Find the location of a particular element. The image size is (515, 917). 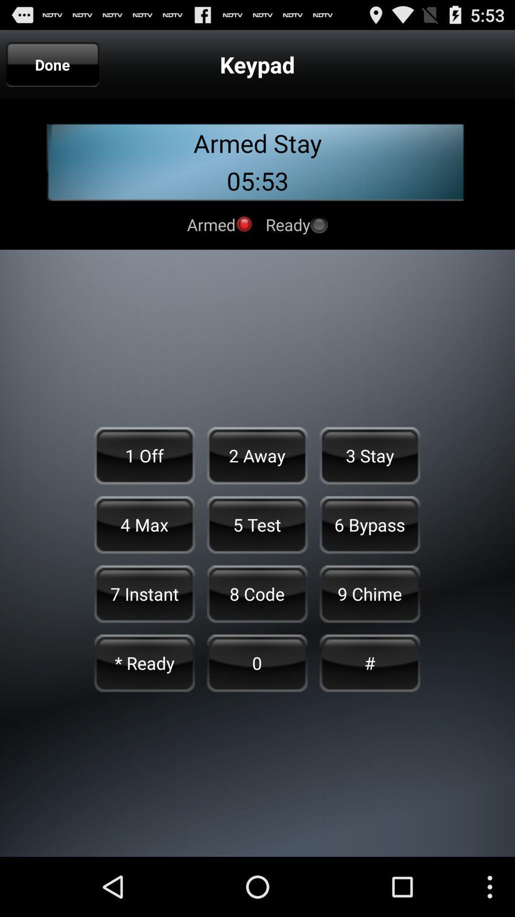

ready status on is located at coordinates (319, 224).